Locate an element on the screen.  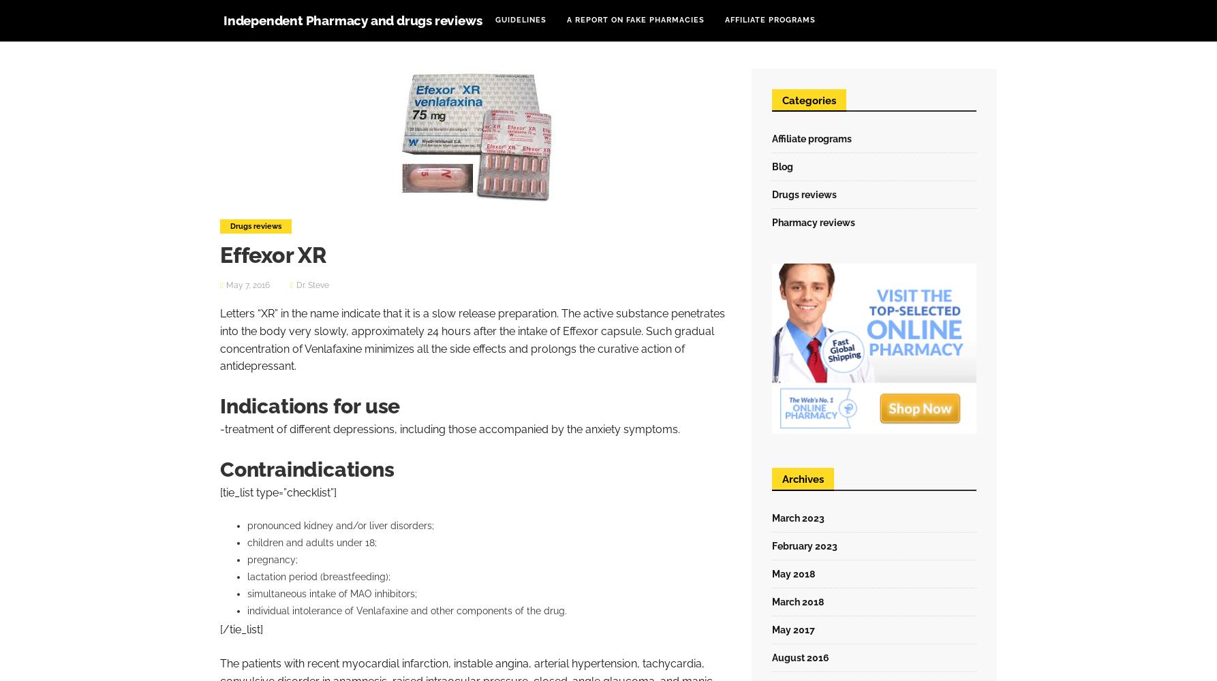
'[tie_list type=”checklist”]' is located at coordinates (278, 491).